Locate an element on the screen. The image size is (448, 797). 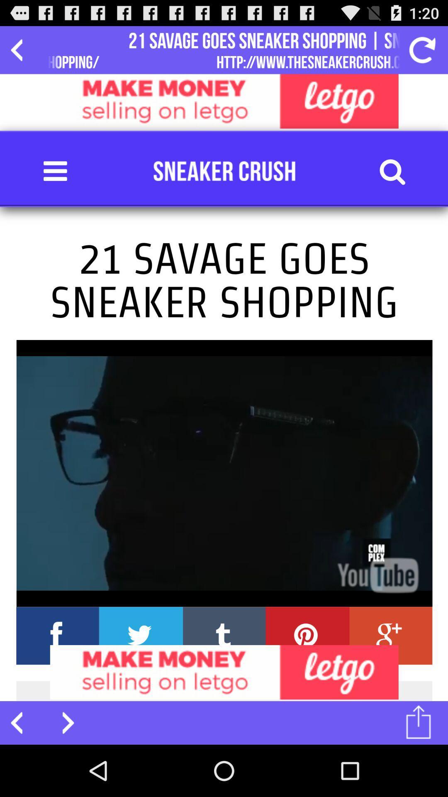
the arrow_backward icon is located at coordinates (21, 53).